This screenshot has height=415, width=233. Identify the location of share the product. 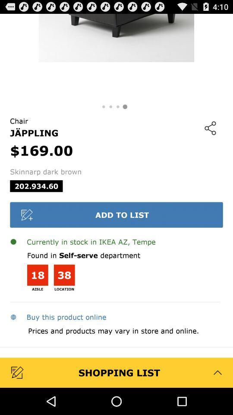
(210, 128).